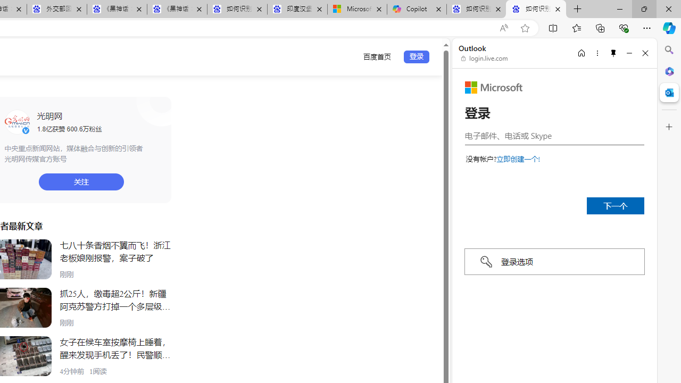  What do you see at coordinates (416, 9) in the screenshot?
I see `'Copilot'` at bounding box center [416, 9].